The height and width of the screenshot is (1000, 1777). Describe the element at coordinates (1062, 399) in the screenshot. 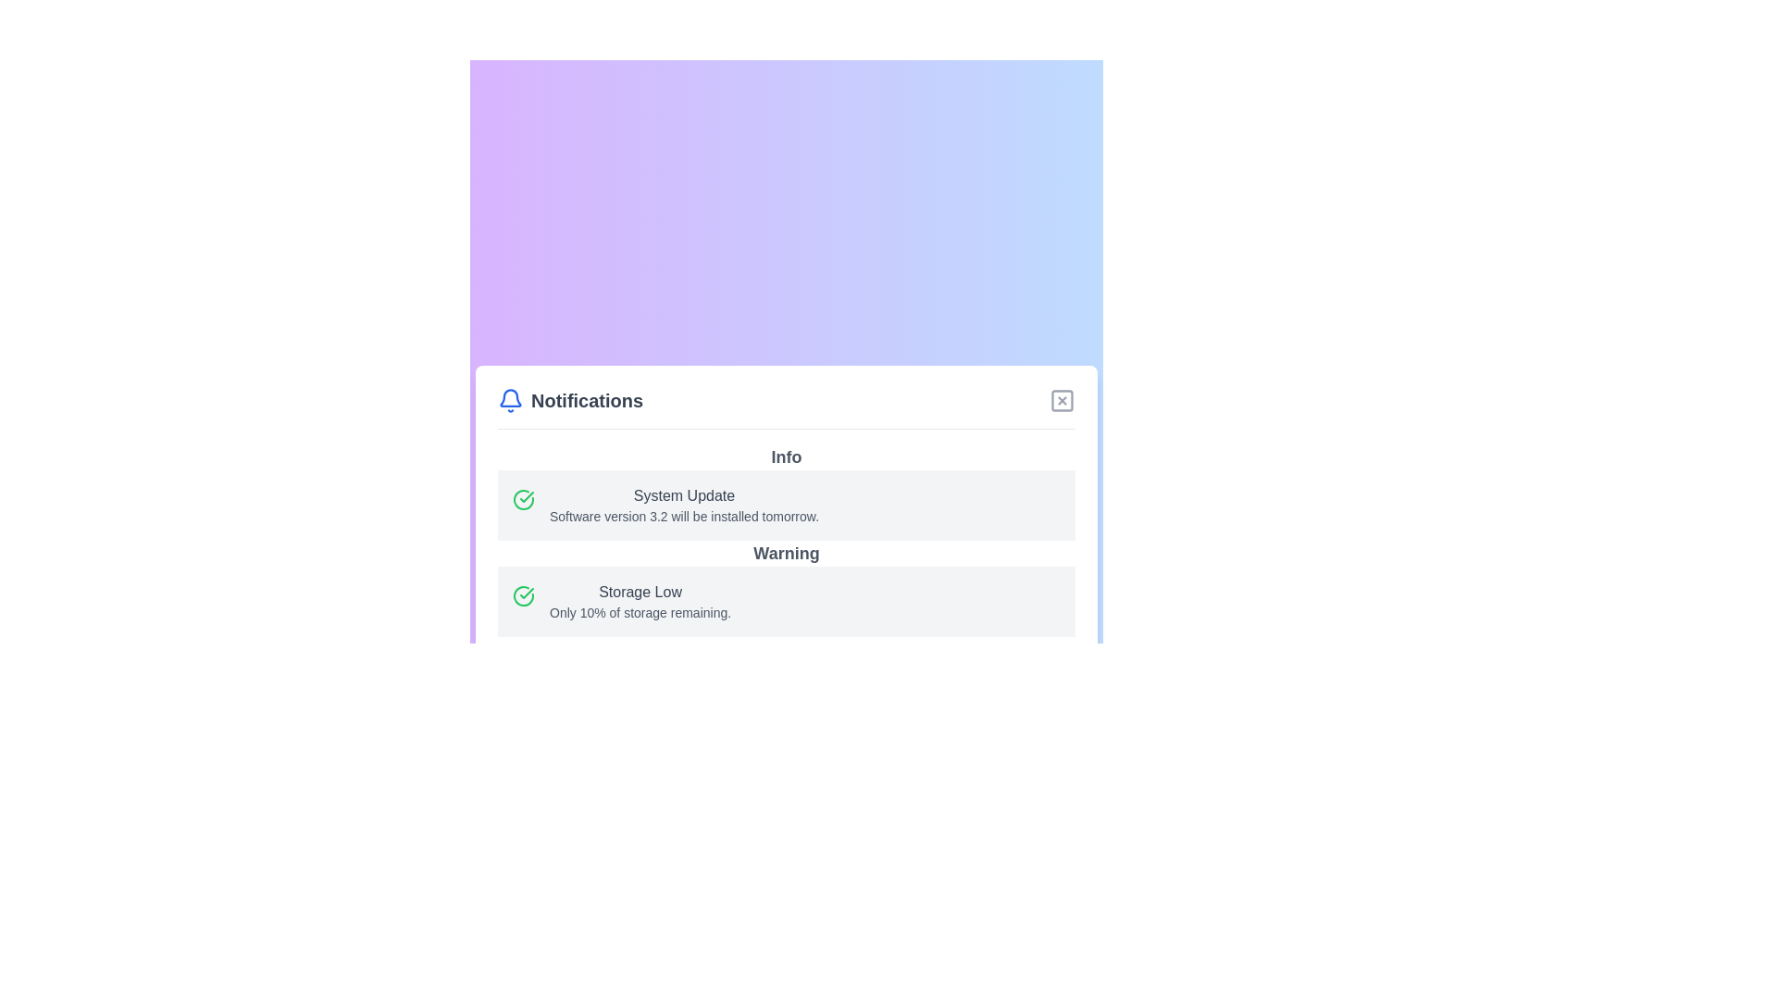

I see `the close button located at the top-right corner of the 'Notifications' panel` at that location.